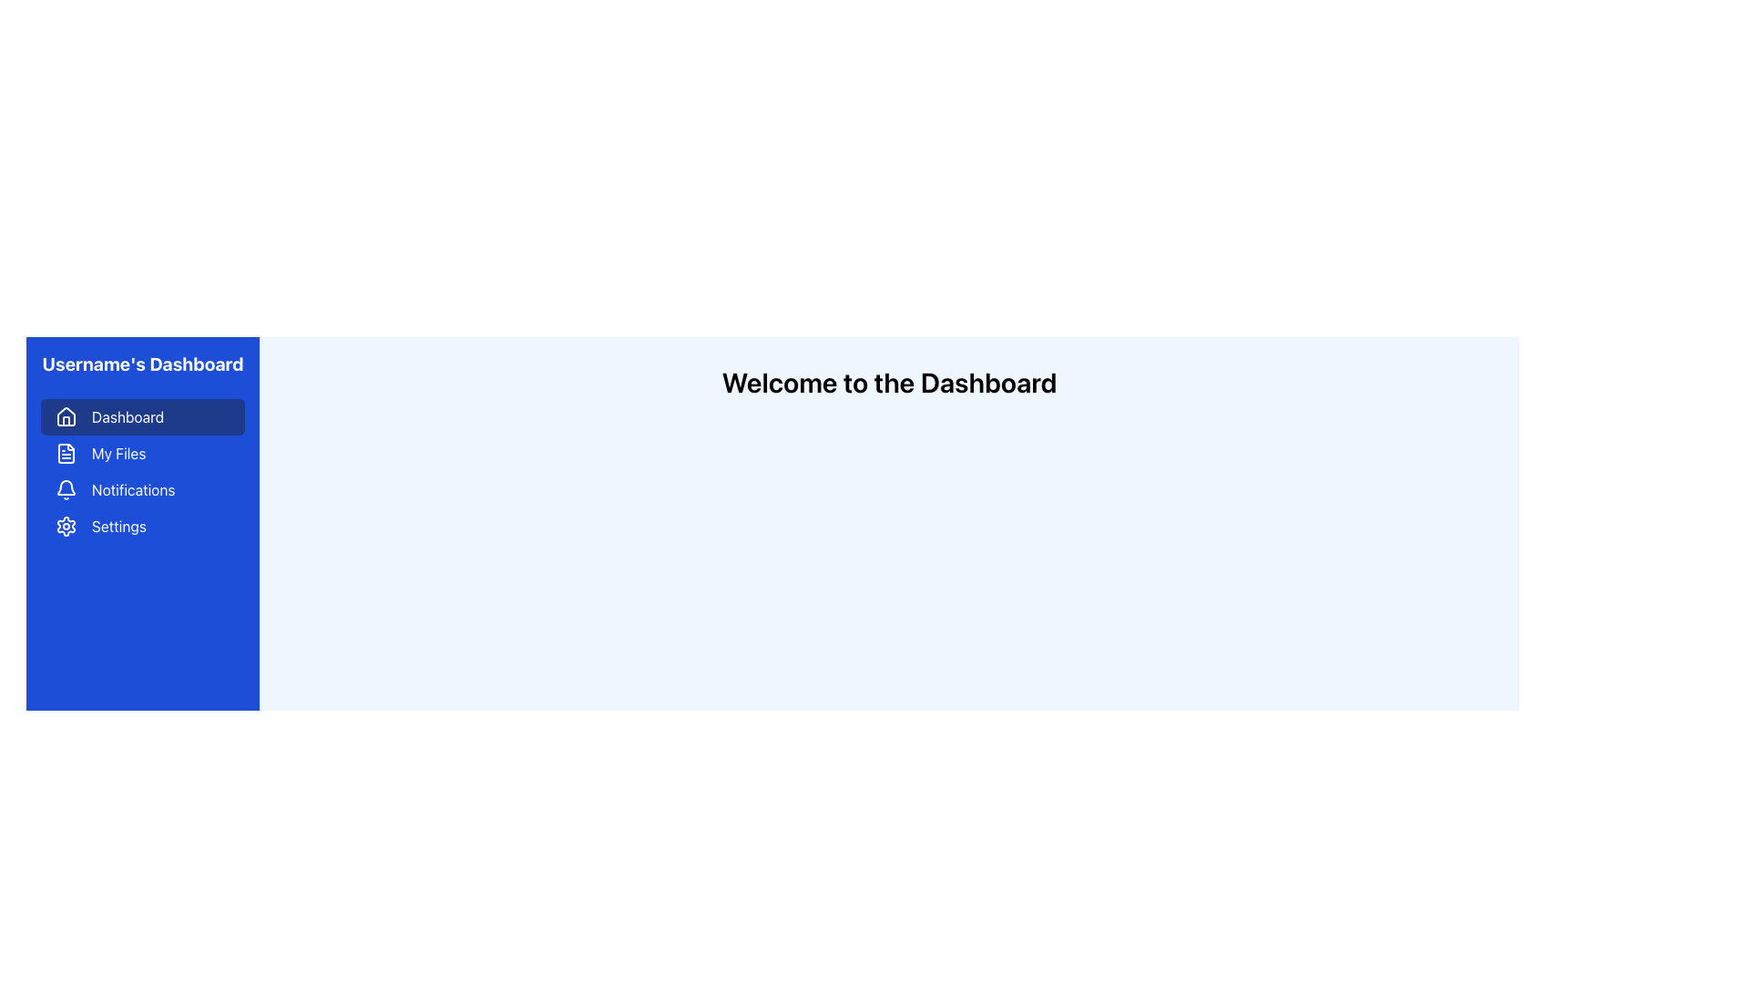 The height and width of the screenshot is (984, 1749). Describe the element at coordinates (66, 488) in the screenshot. I see `the bell-shaped icon with a hollow interior, which is styled in white against a blue background, located to the left of the 'Notifications' text in the navigation menu` at that location.